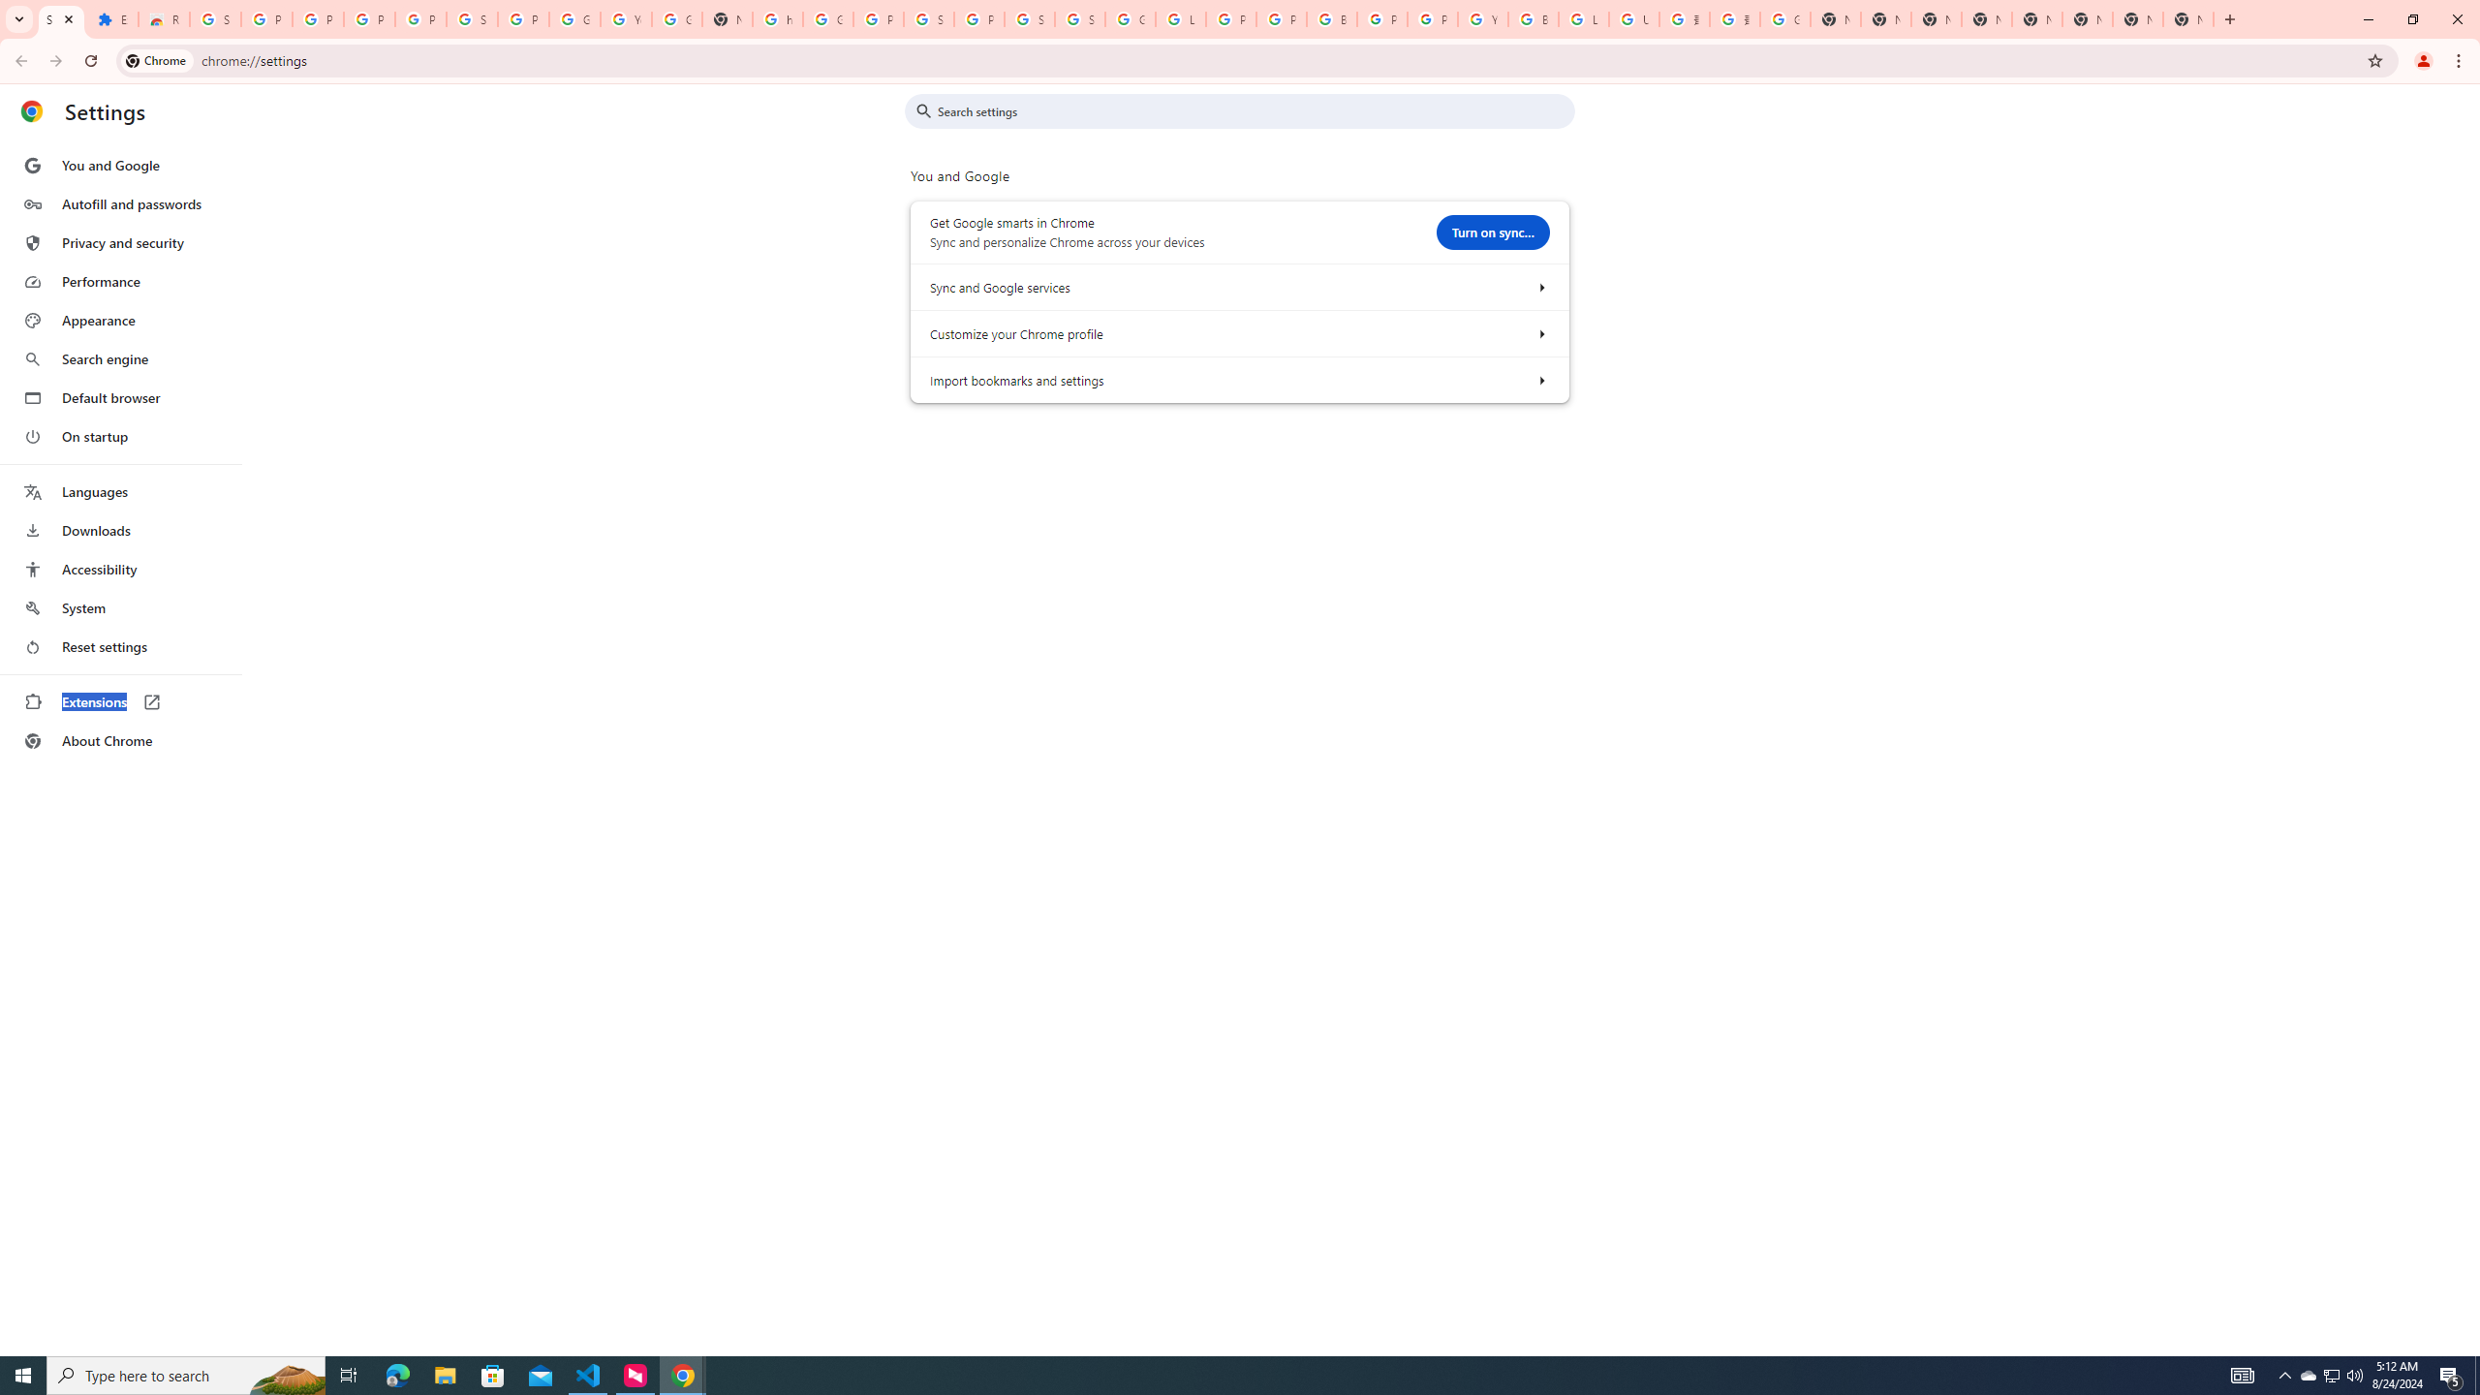 The width and height of the screenshot is (2480, 1395). Describe the element at coordinates (119, 203) in the screenshot. I see `'Autofill and passwords'` at that location.